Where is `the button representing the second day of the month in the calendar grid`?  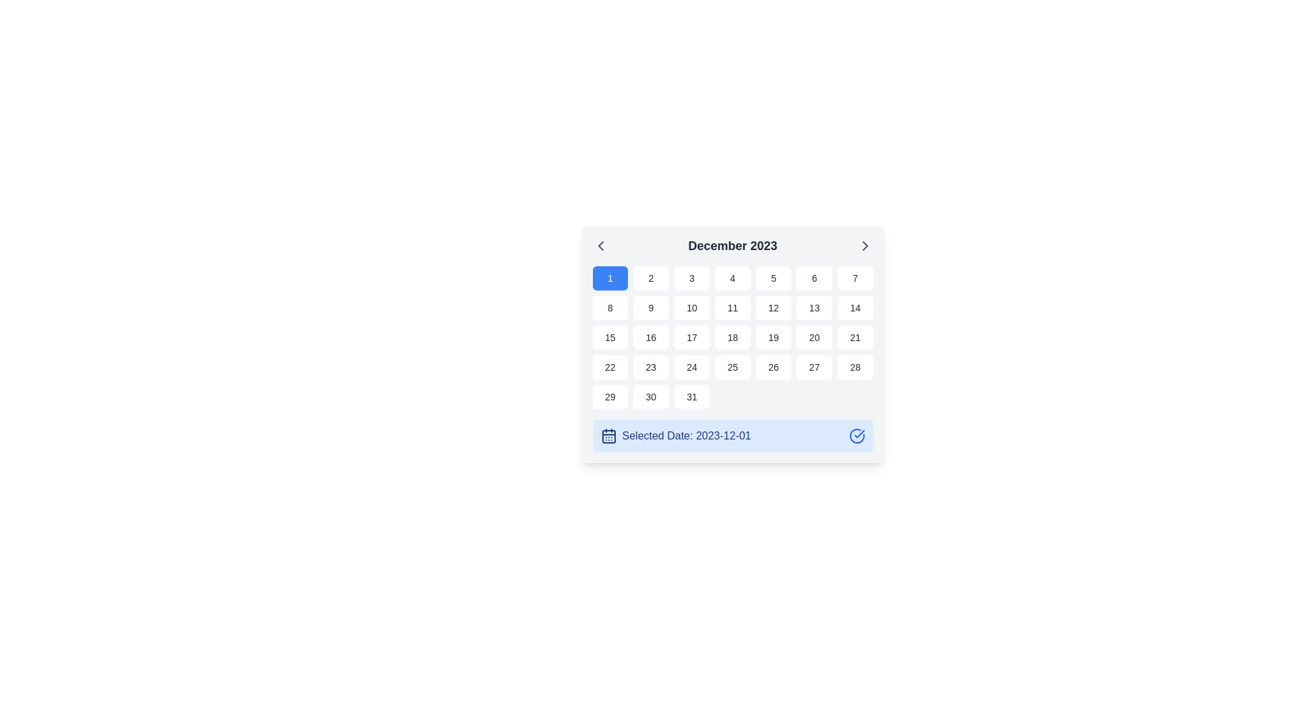
the button representing the second day of the month in the calendar grid is located at coordinates (651, 277).